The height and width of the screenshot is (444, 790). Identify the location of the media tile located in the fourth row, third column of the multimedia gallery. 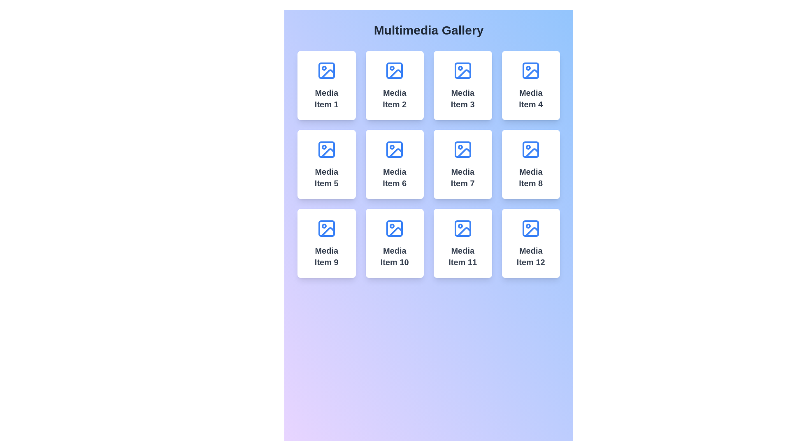
(462, 243).